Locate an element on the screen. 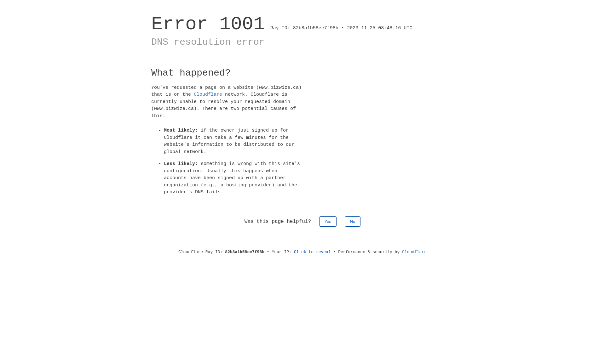  'Cloudflare' is located at coordinates (414, 251).